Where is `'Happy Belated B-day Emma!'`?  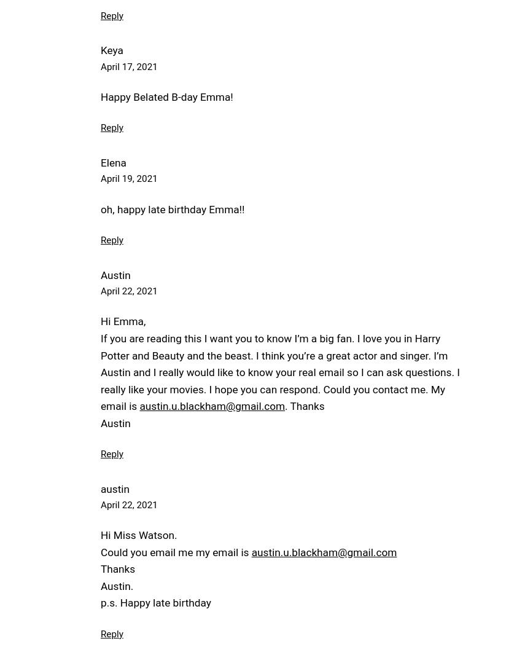 'Happy Belated B-day Emma!' is located at coordinates (100, 96).